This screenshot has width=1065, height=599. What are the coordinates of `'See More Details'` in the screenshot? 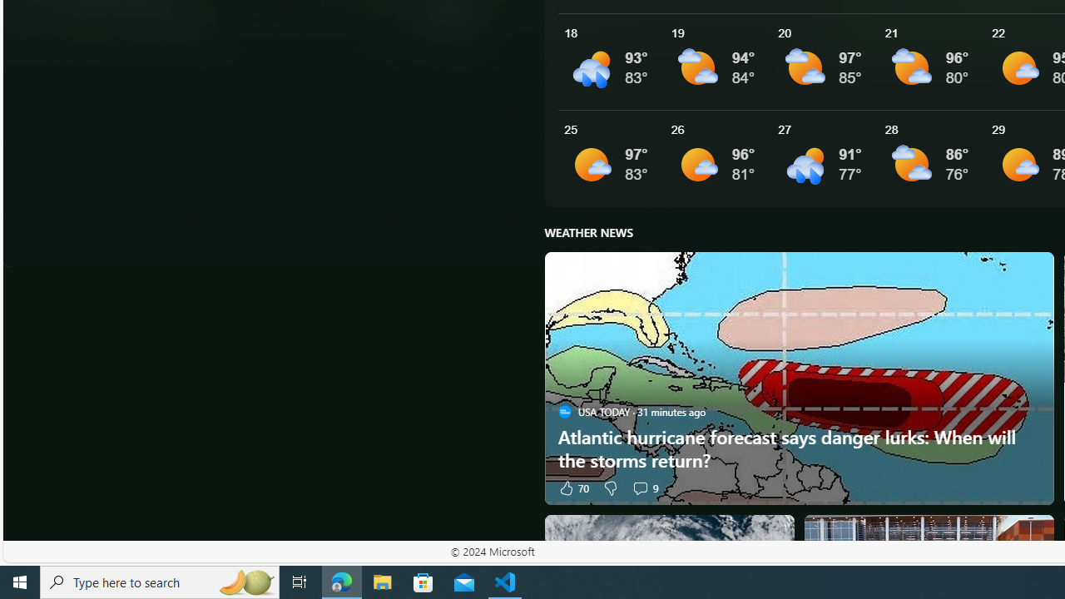 It's located at (932, 158).